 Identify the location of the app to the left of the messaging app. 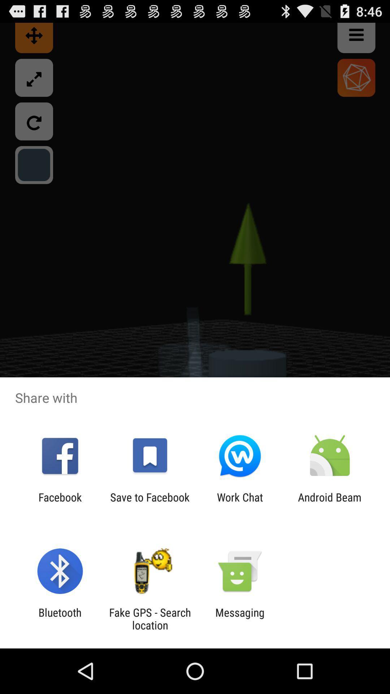
(149, 618).